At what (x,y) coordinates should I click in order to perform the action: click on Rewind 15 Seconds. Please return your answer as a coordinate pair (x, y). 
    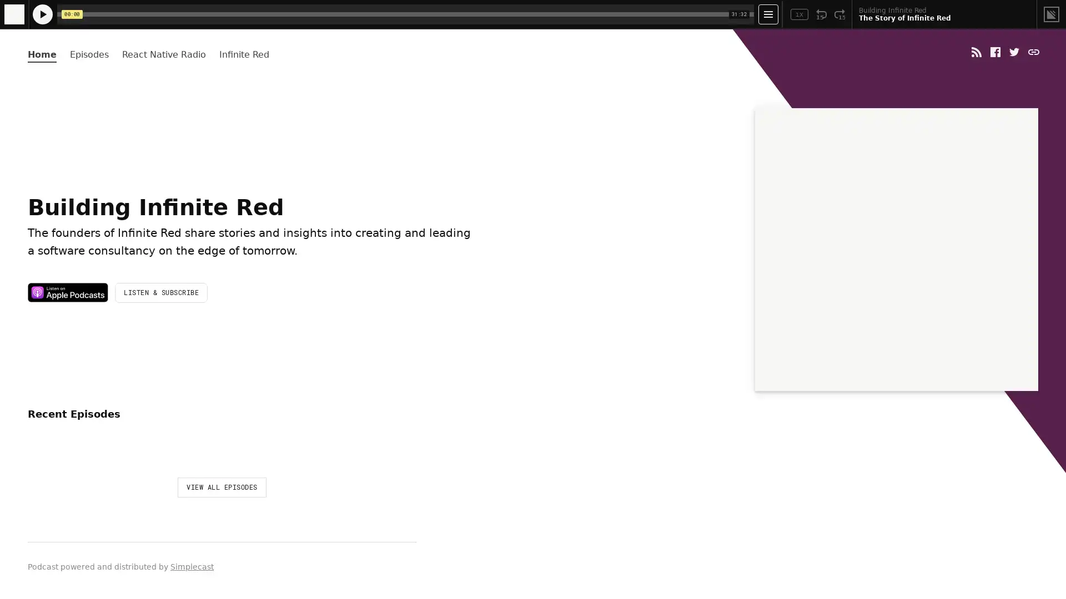
    Looking at the image, I should click on (821, 14).